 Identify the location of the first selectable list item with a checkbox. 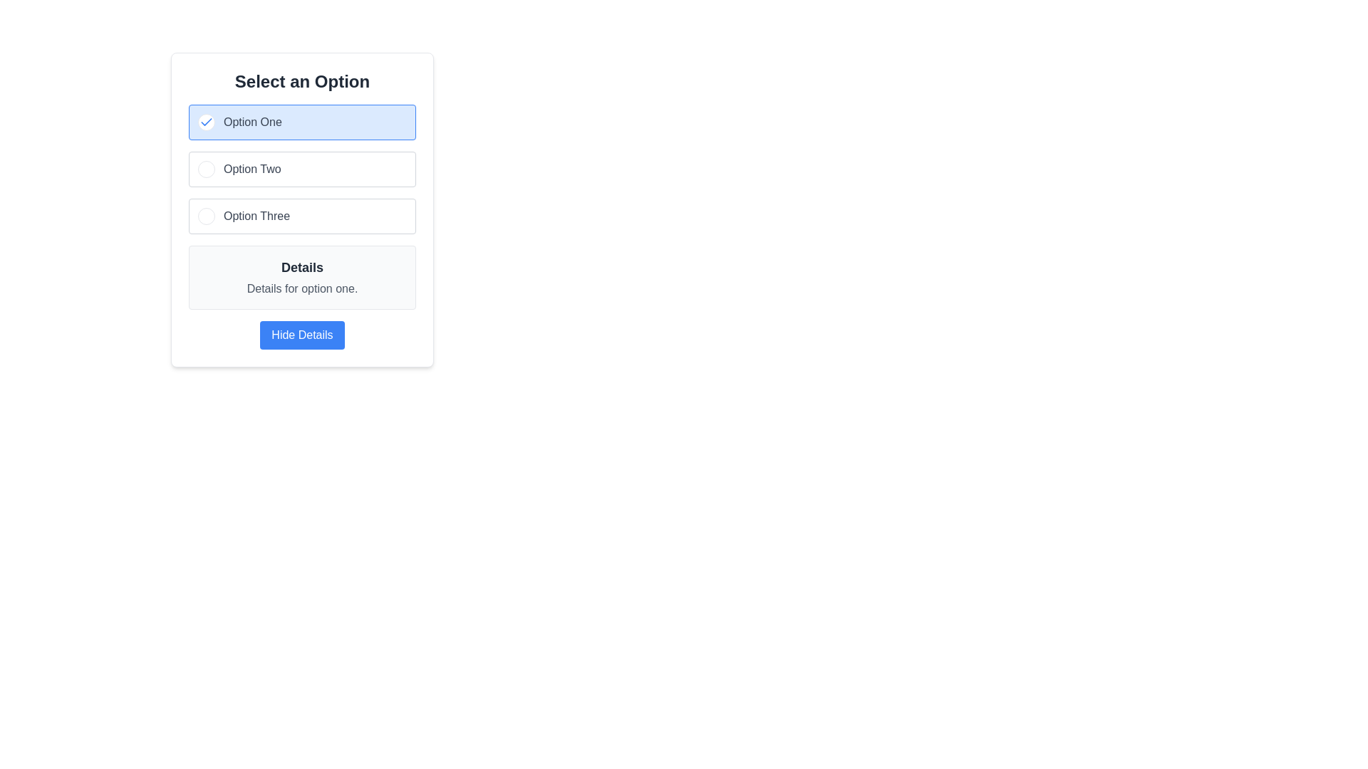
(301, 122).